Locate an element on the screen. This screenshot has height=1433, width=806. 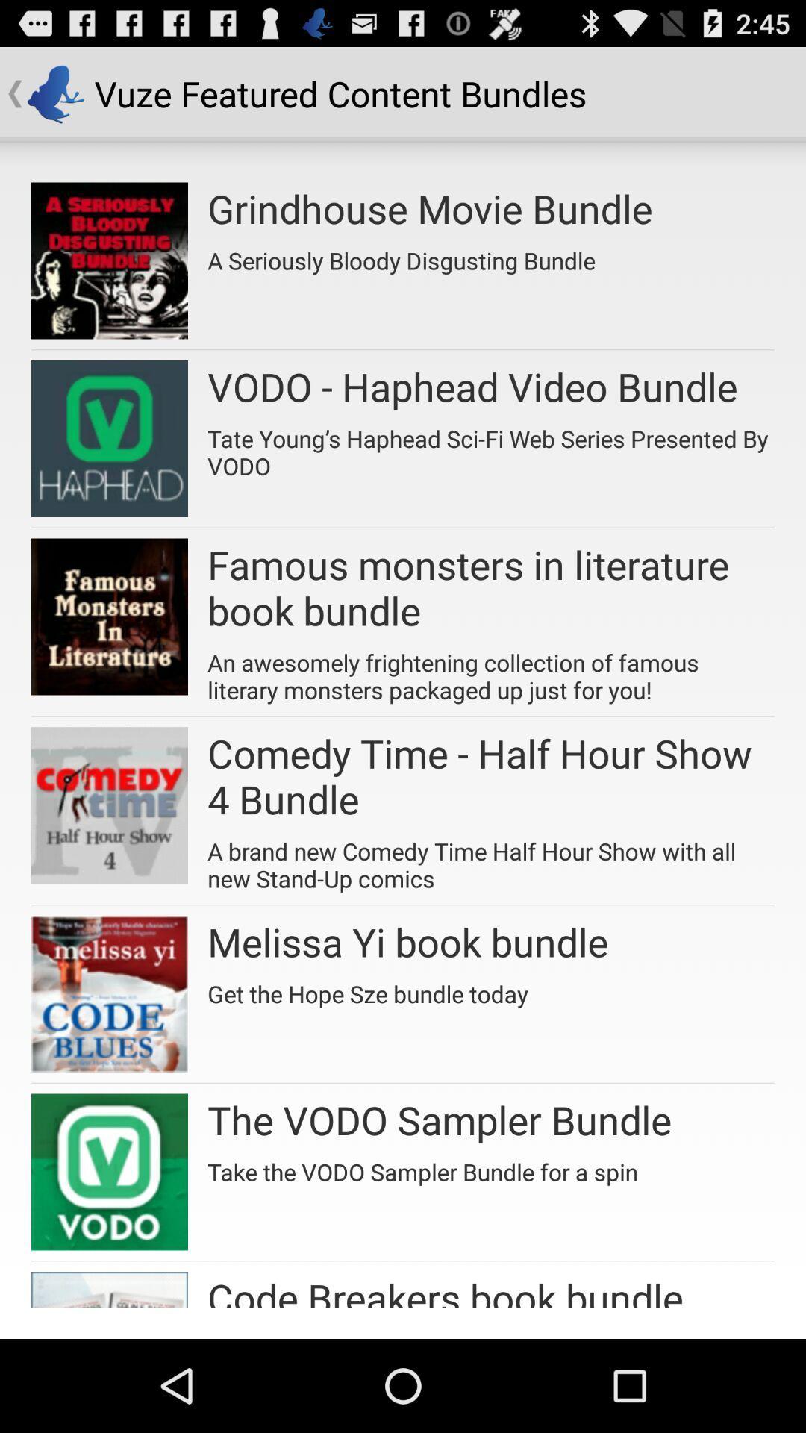
the image which is left side of the text vuze featured content bundles is located at coordinates (54, 93).